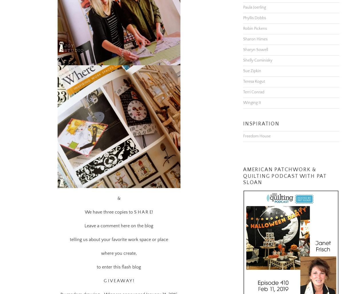 The height and width of the screenshot is (294, 358). What do you see at coordinates (119, 260) in the screenshot?
I see `'to enter this flash blog'` at bounding box center [119, 260].